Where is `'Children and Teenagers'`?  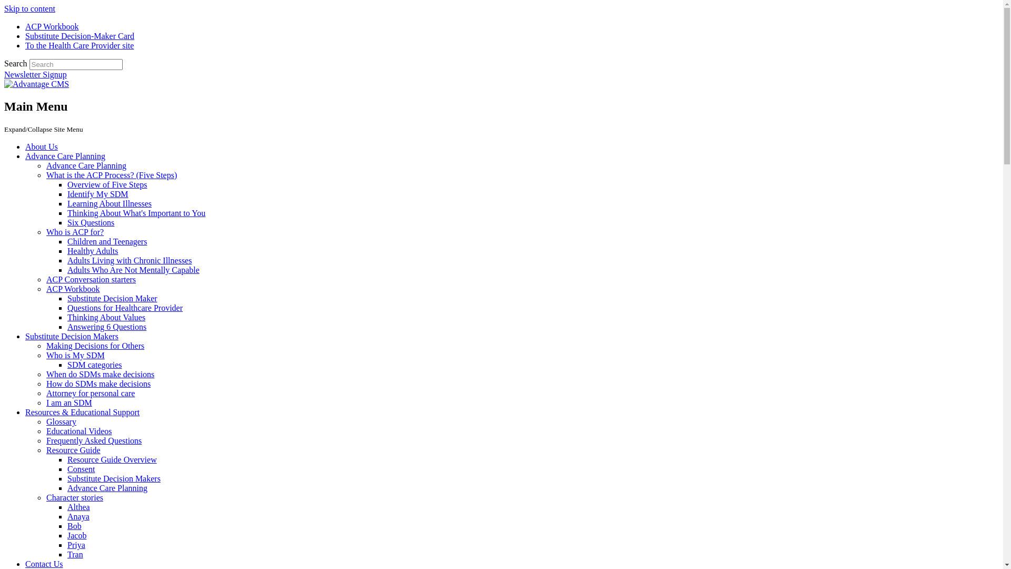
'Children and Teenagers' is located at coordinates (107, 241).